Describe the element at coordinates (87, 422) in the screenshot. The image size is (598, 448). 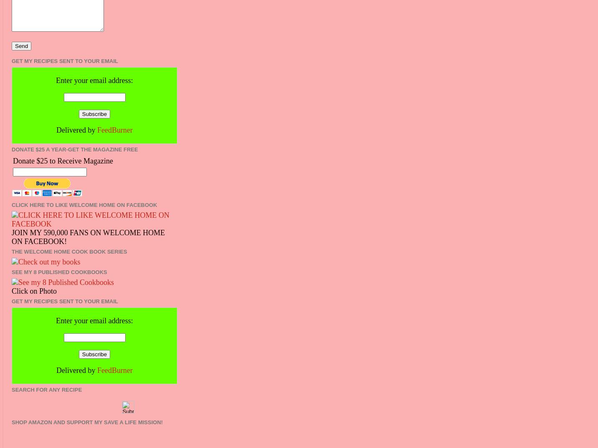
I see `'Shop Amazon and Support my Save A Life Mission!'` at that location.